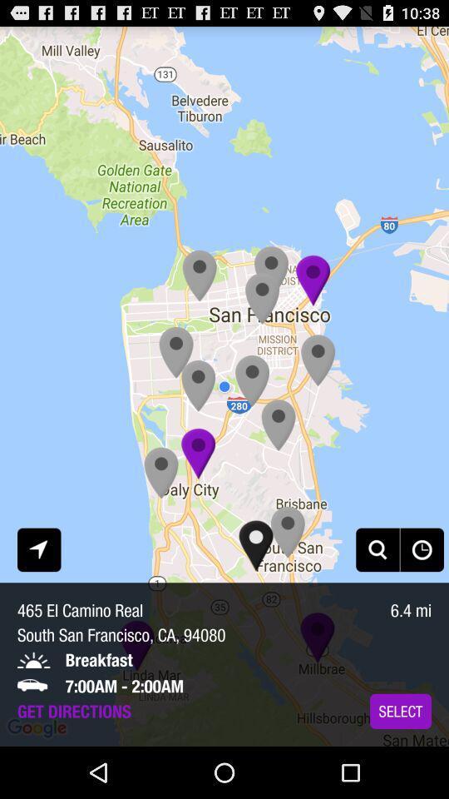 This screenshot has width=449, height=799. I want to click on the navigation icon, so click(39, 588).